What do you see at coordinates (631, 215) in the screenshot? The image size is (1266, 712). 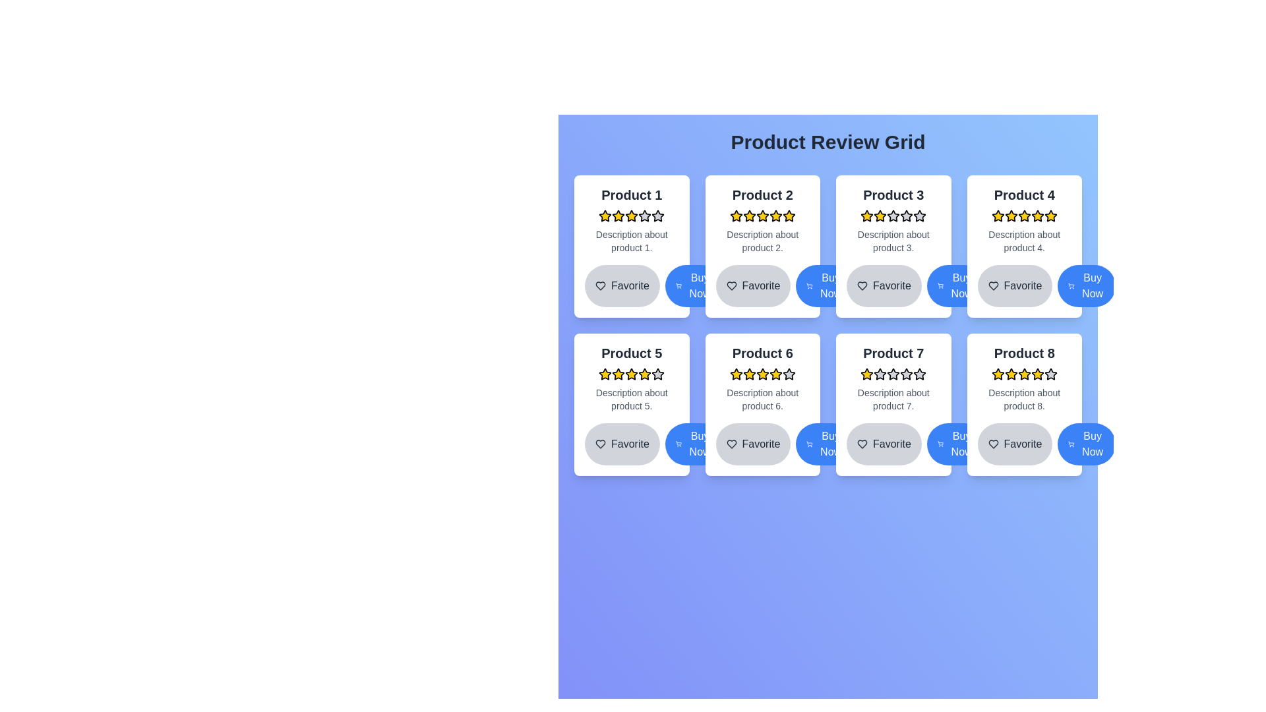 I see `the filled yellow star-shaped icon, which is the second star in the 5-star rating component located in the 'Product 1' card in the top-left corner of the product grid` at bounding box center [631, 215].